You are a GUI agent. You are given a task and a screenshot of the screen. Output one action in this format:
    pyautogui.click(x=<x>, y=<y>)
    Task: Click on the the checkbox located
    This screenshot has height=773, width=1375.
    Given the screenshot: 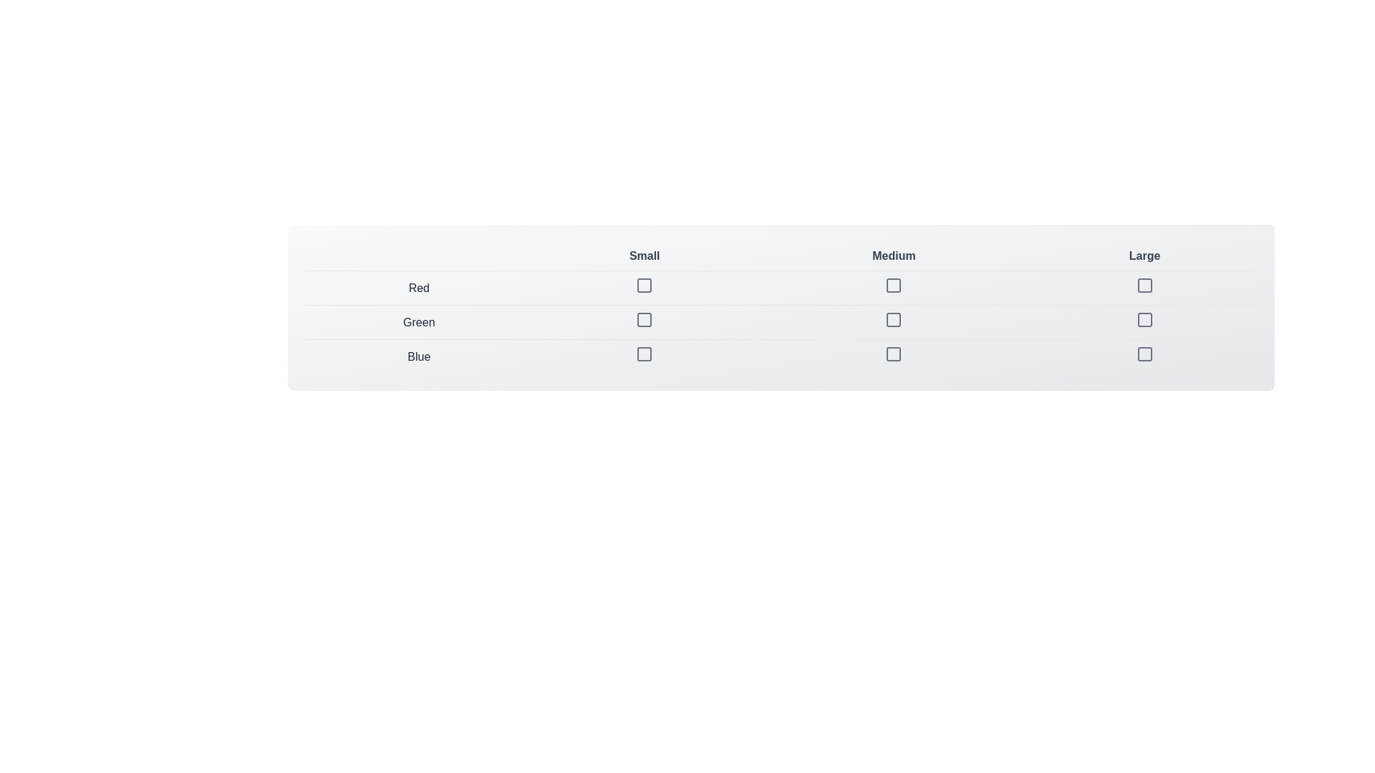 What is the action you would take?
    pyautogui.click(x=1144, y=285)
    